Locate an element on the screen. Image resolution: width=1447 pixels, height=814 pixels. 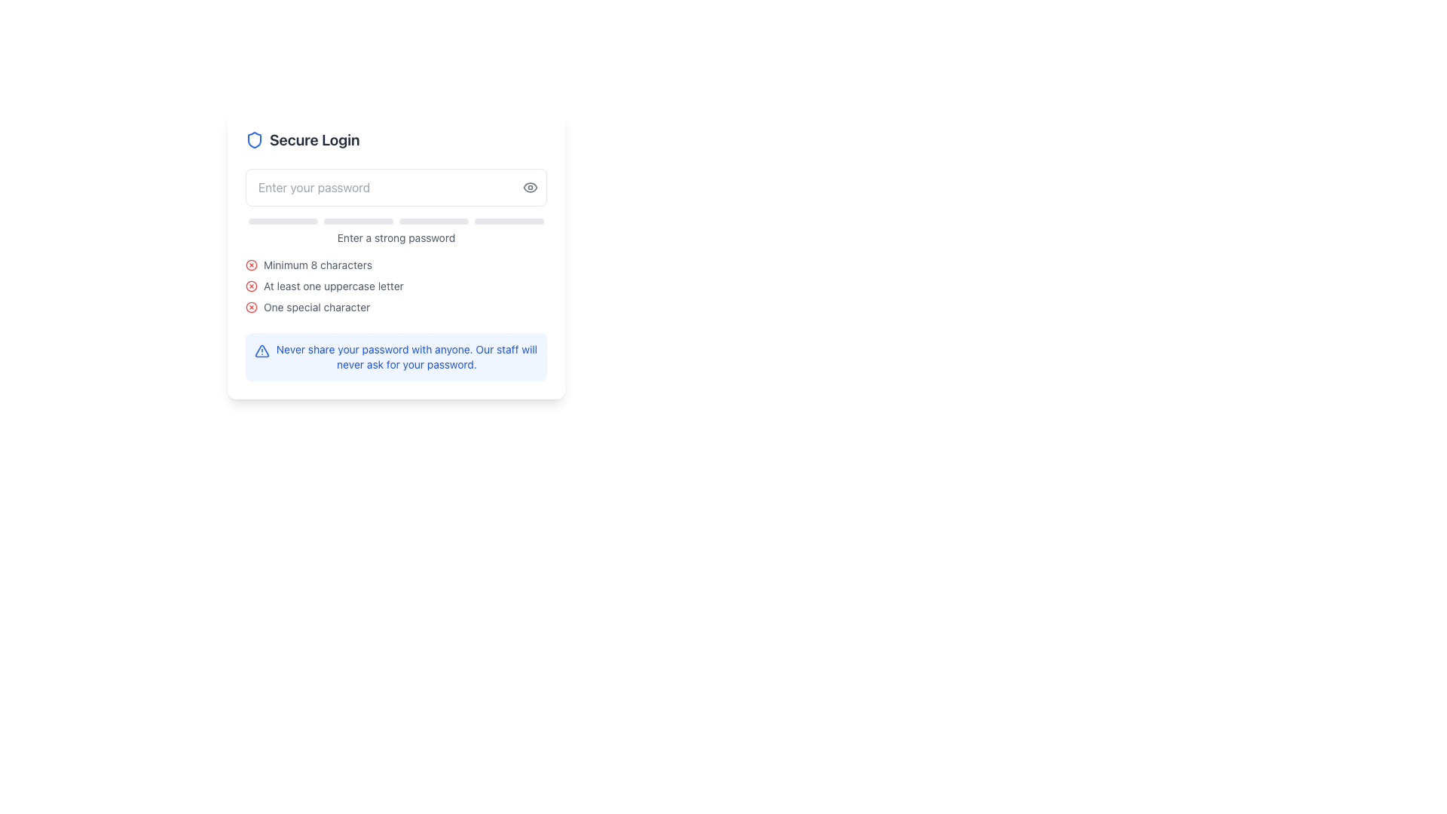
the visual warning or alert icon located at the beginning of the blue rectangular informational banner below the password criteria list is located at coordinates (262, 351).